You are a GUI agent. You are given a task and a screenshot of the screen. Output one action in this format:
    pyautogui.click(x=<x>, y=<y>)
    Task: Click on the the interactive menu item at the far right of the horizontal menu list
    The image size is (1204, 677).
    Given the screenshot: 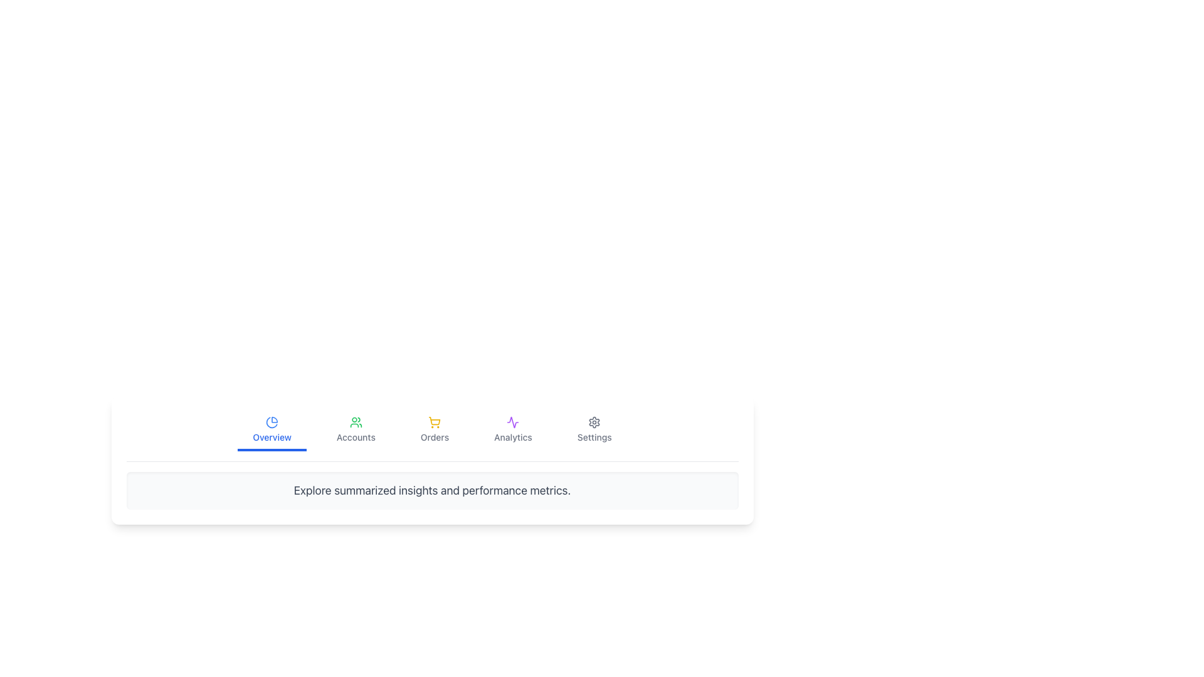 What is the action you would take?
    pyautogui.click(x=594, y=430)
    